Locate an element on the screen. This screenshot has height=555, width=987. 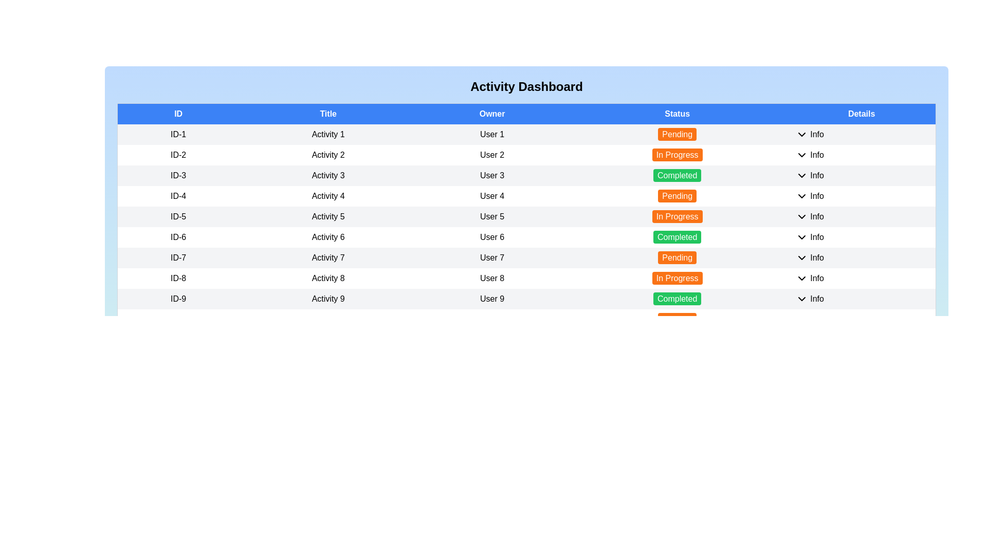
'Reload Data' button to refresh the data displayed on the dashboard is located at coordinates (147, 550).